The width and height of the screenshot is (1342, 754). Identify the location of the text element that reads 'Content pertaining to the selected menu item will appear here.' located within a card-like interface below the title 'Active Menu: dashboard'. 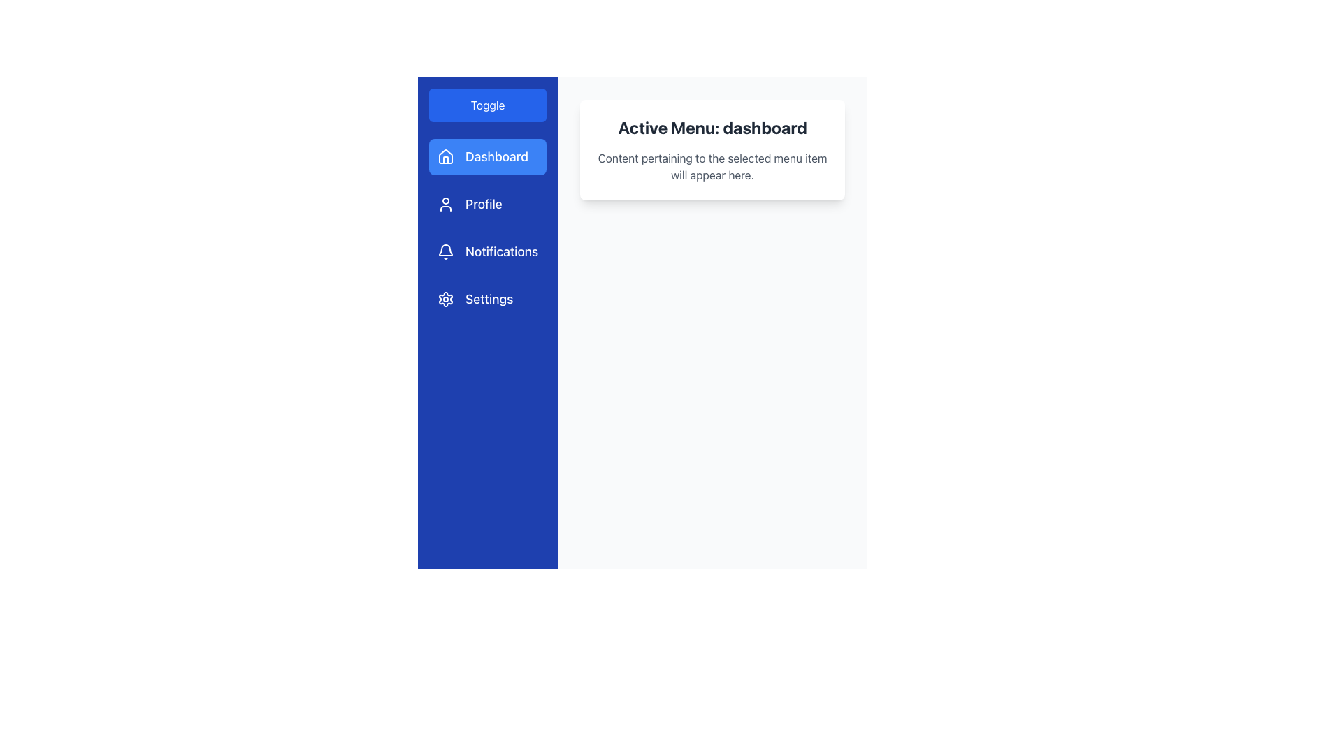
(712, 166).